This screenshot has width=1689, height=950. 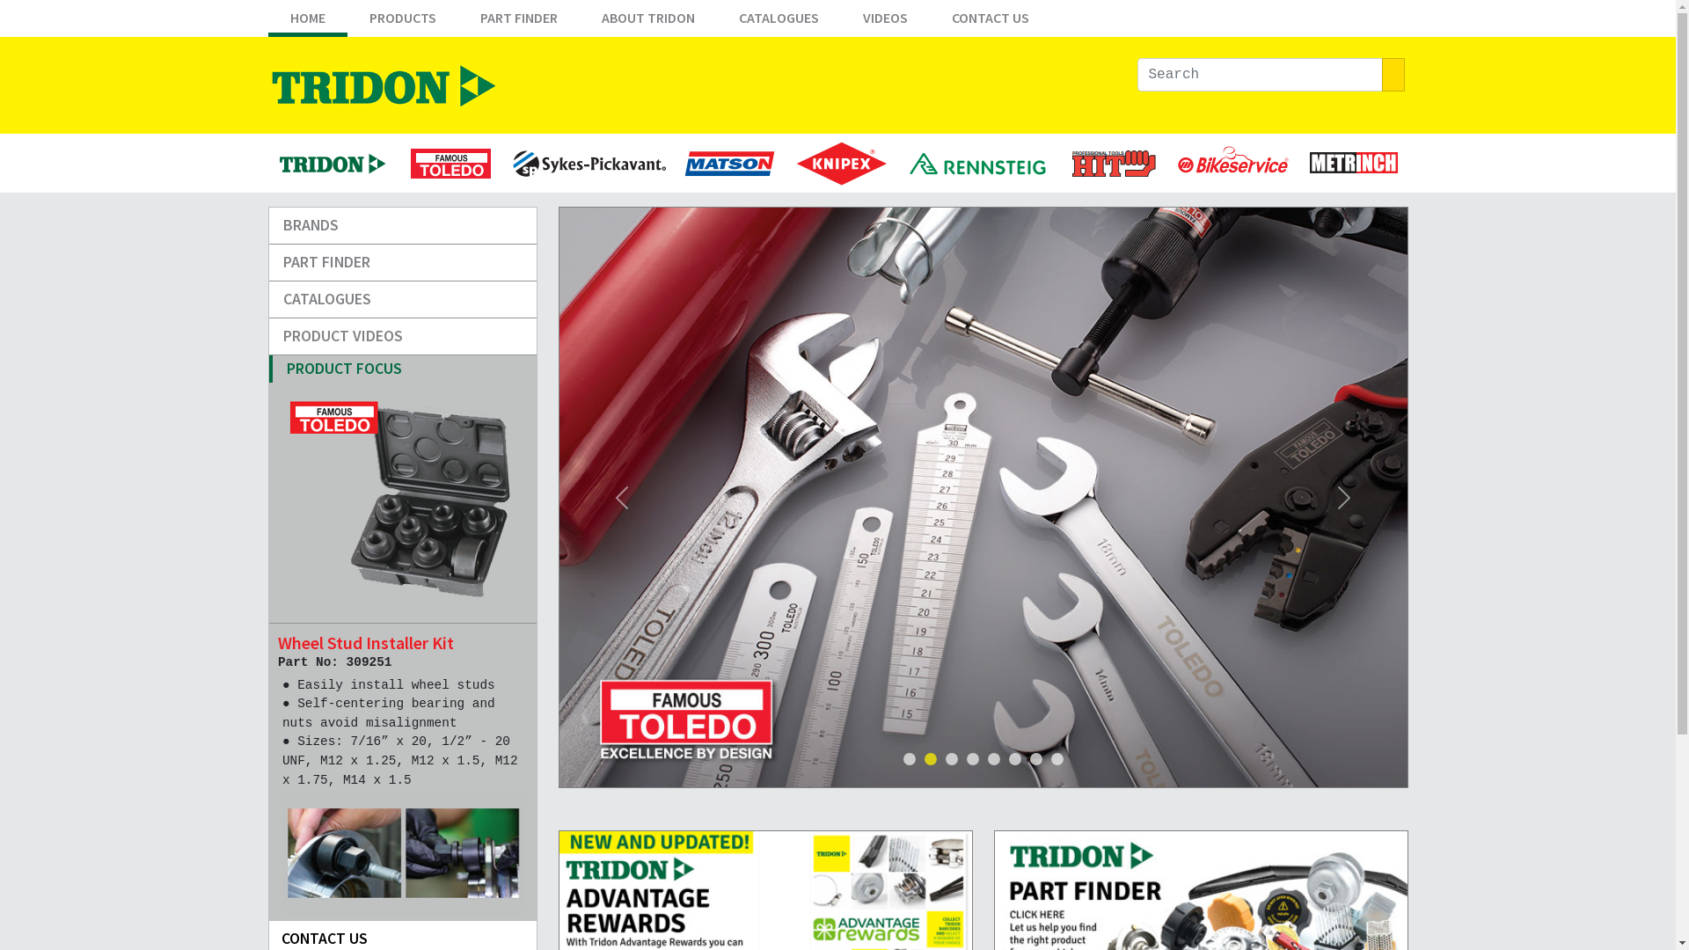 I want to click on 'CATALOGUES', so click(x=401, y=298).